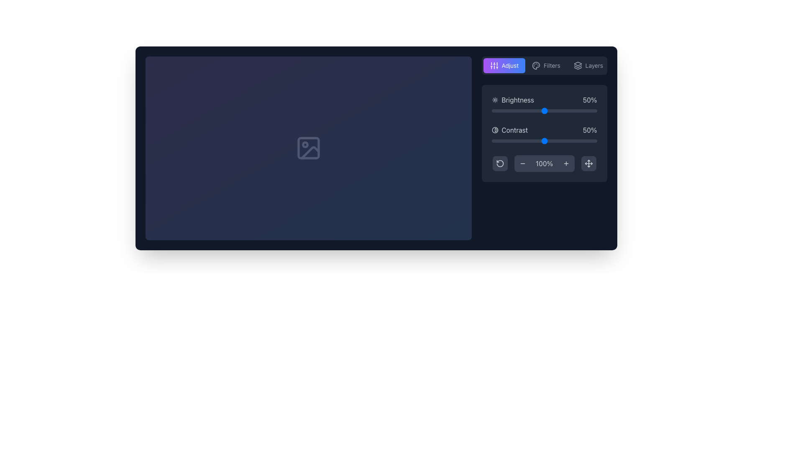 The image size is (803, 452). What do you see at coordinates (557, 140) in the screenshot?
I see `the contrast value` at bounding box center [557, 140].